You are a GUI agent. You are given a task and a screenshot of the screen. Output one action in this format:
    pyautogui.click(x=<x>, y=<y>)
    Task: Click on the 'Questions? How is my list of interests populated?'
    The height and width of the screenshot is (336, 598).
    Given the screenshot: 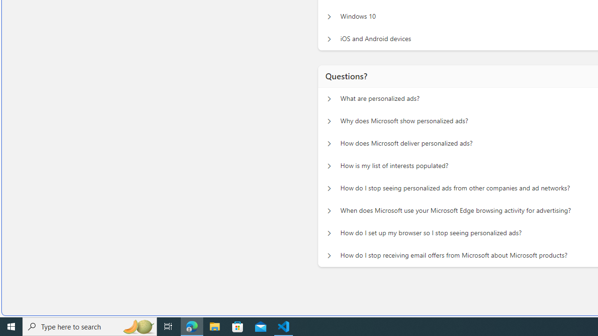 What is the action you would take?
    pyautogui.click(x=329, y=163)
    